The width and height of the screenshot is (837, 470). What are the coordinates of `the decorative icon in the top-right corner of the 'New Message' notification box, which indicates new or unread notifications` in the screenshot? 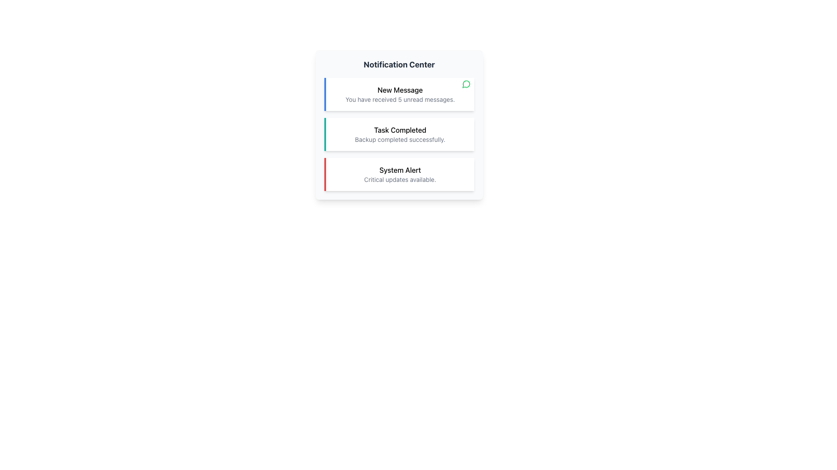 It's located at (466, 85).